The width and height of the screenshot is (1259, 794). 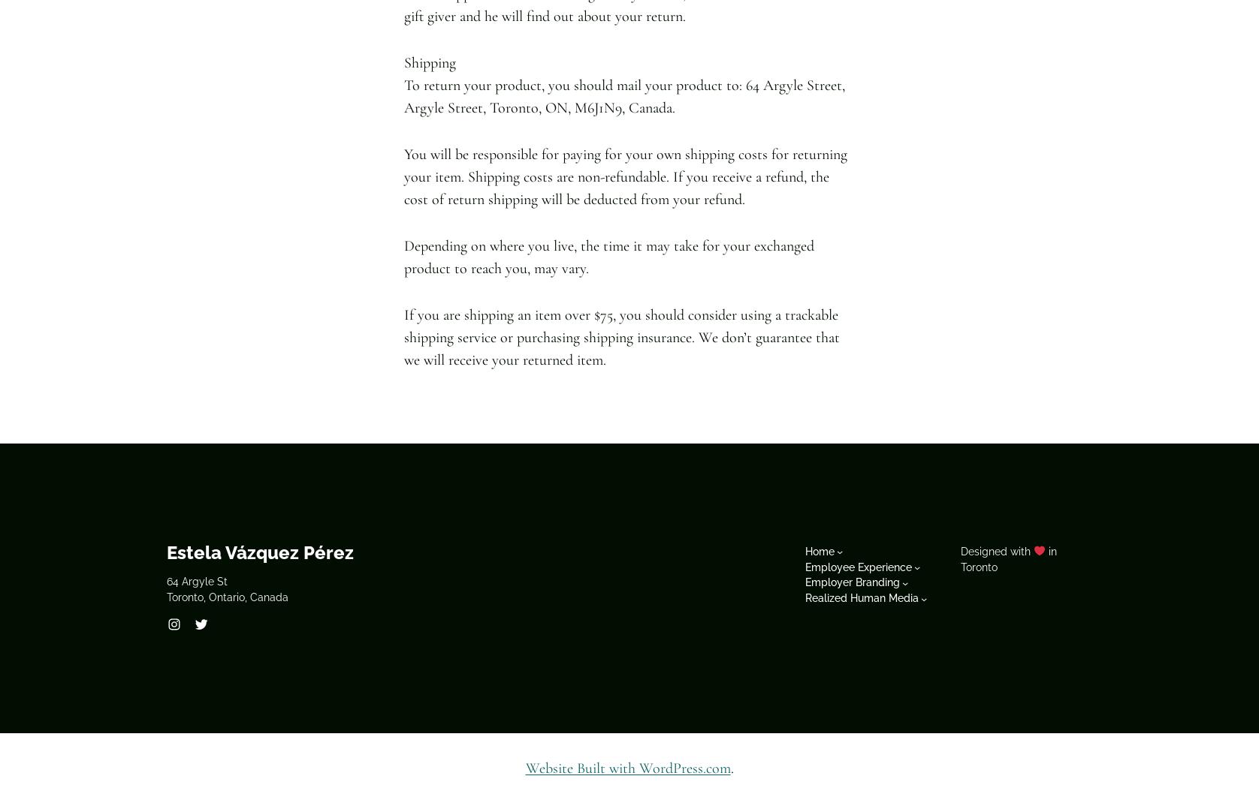 What do you see at coordinates (196, 581) in the screenshot?
I see `'64 Argyle St'` at bounding box center [196, 581].